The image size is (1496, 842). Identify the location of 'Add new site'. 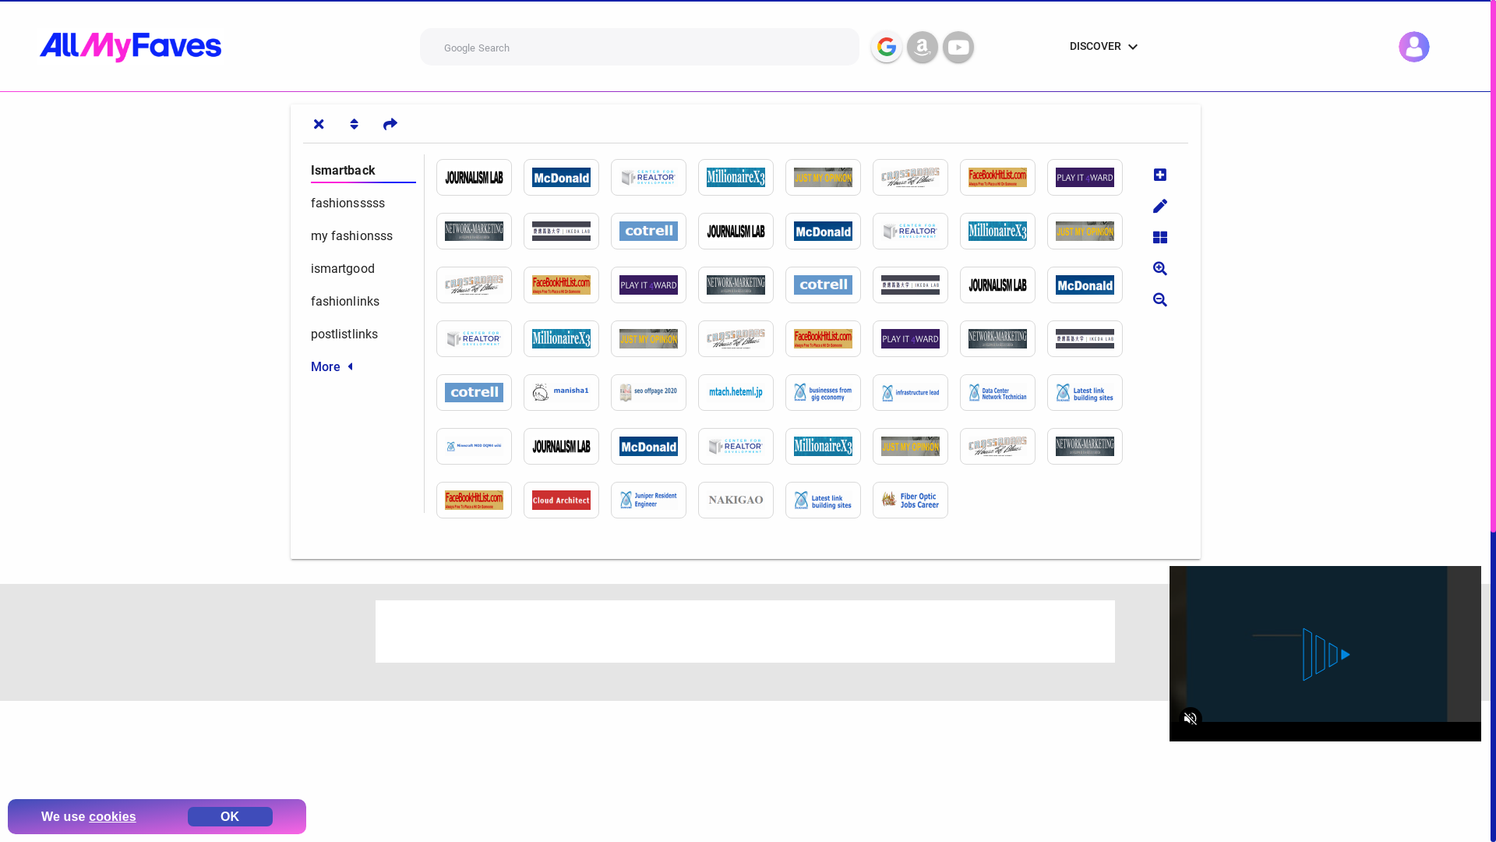
(1159, 174).